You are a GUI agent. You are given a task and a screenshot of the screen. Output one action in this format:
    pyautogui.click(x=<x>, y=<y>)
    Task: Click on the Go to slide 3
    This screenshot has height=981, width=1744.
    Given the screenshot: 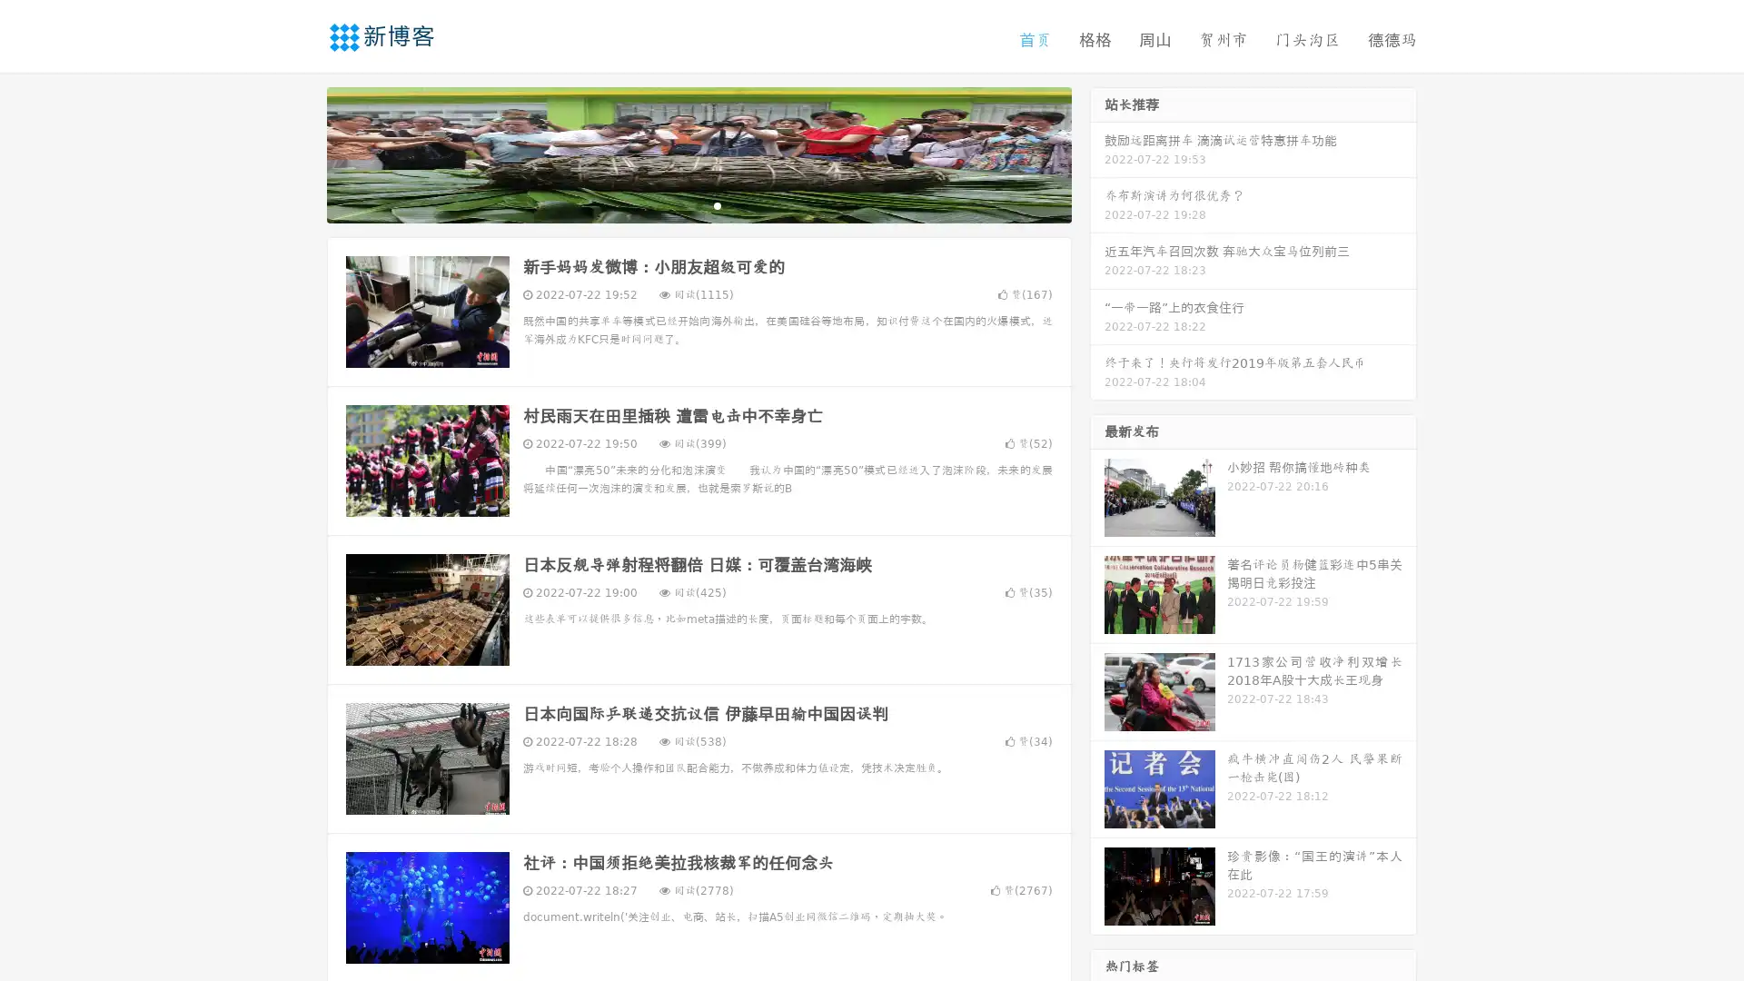 What is the action you would take?
    pyautogui.click(x=717, y=204)
    